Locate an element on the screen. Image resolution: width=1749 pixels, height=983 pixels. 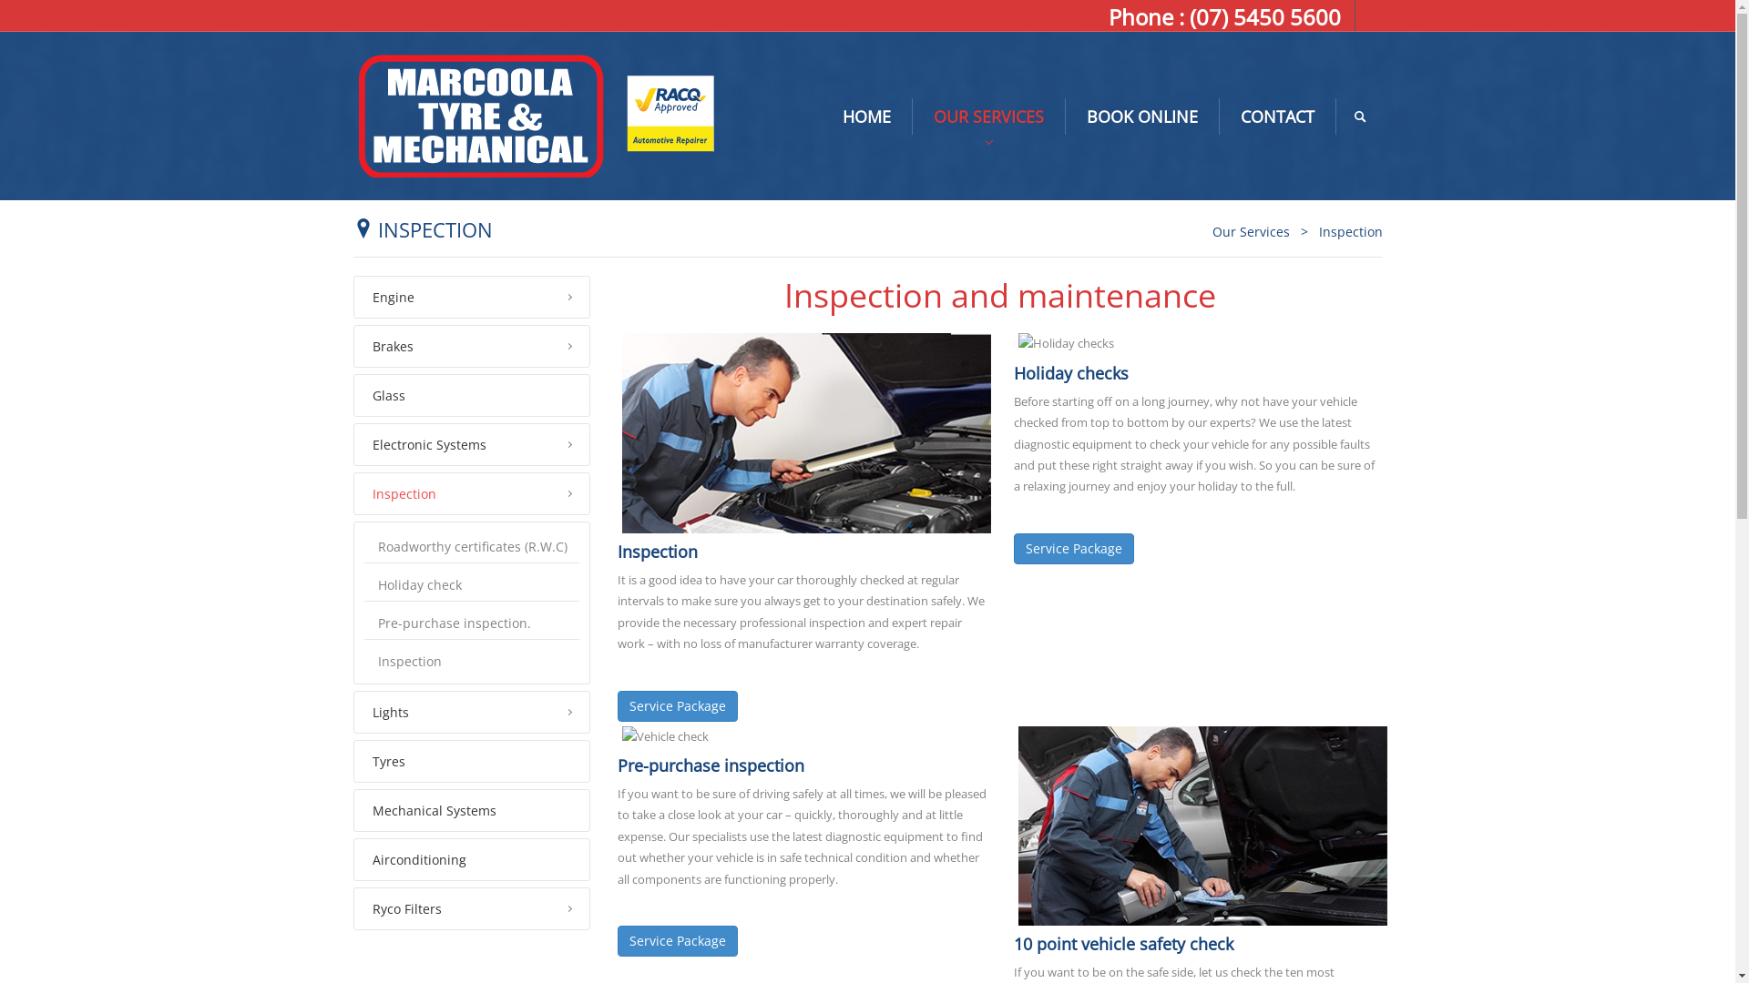
'Vehicle checkups' is located at coordinates (663, 735).